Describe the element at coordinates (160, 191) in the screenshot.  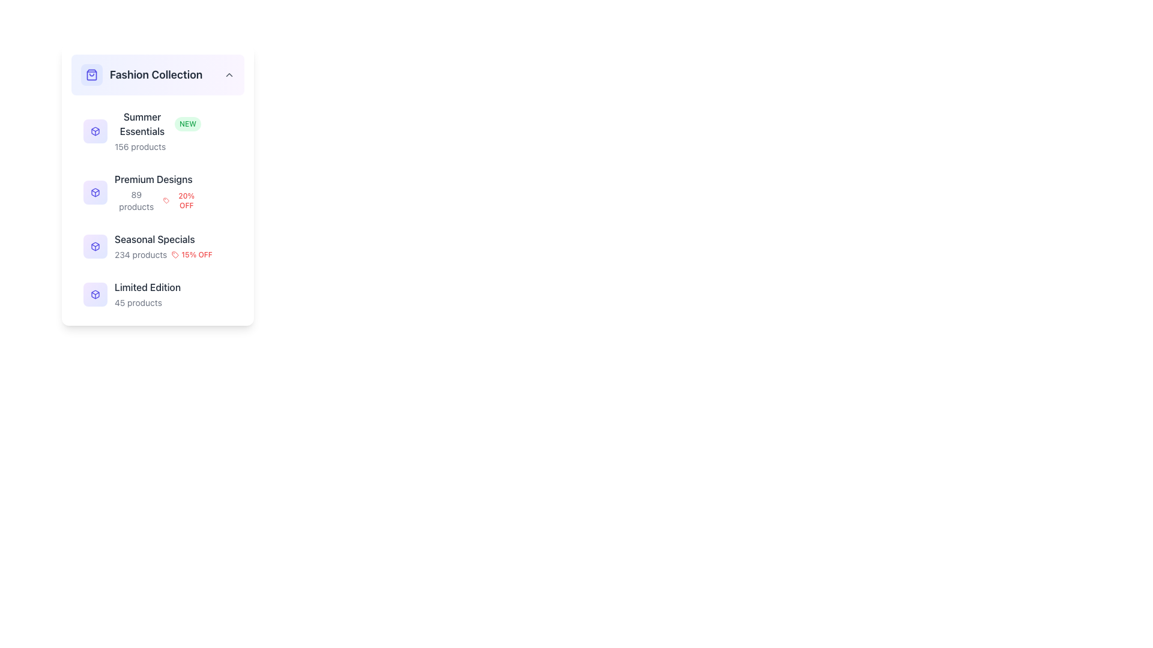
I see `the second card in the 'Fashion Collection' list to navigate to a detailed view of the product category or promotion` at that location.